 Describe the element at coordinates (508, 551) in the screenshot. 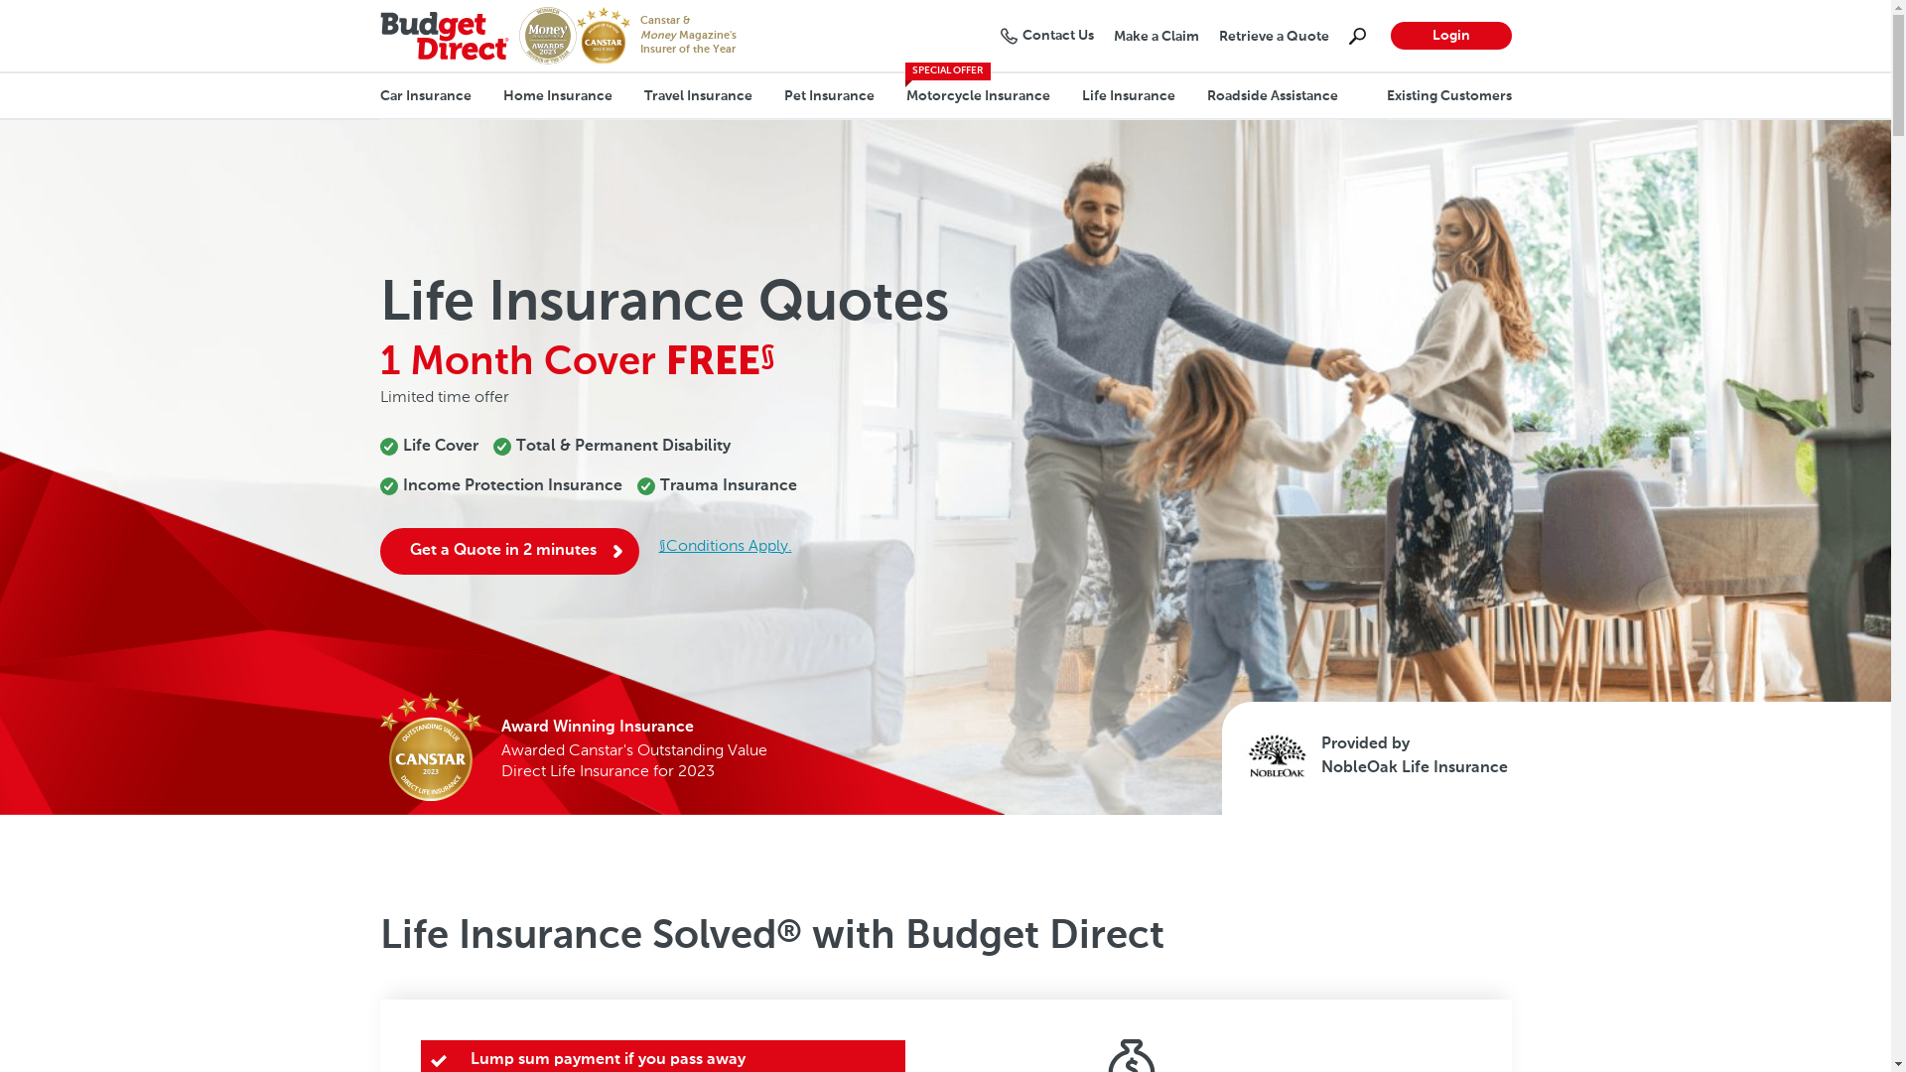

I see `'Get a Quote in 2 minutes'` at that location.